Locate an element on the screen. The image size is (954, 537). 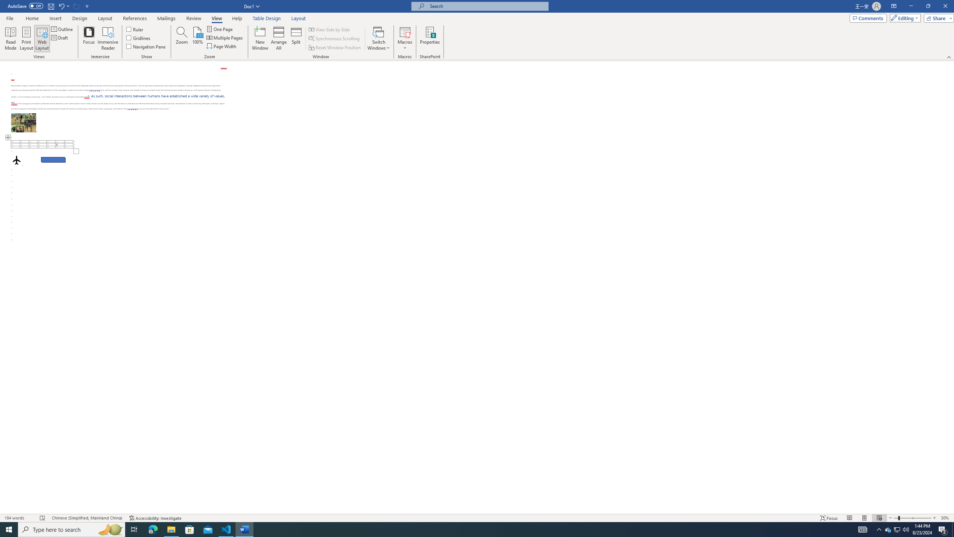
'Reset Window Position' is located at coordinates (335, 47).